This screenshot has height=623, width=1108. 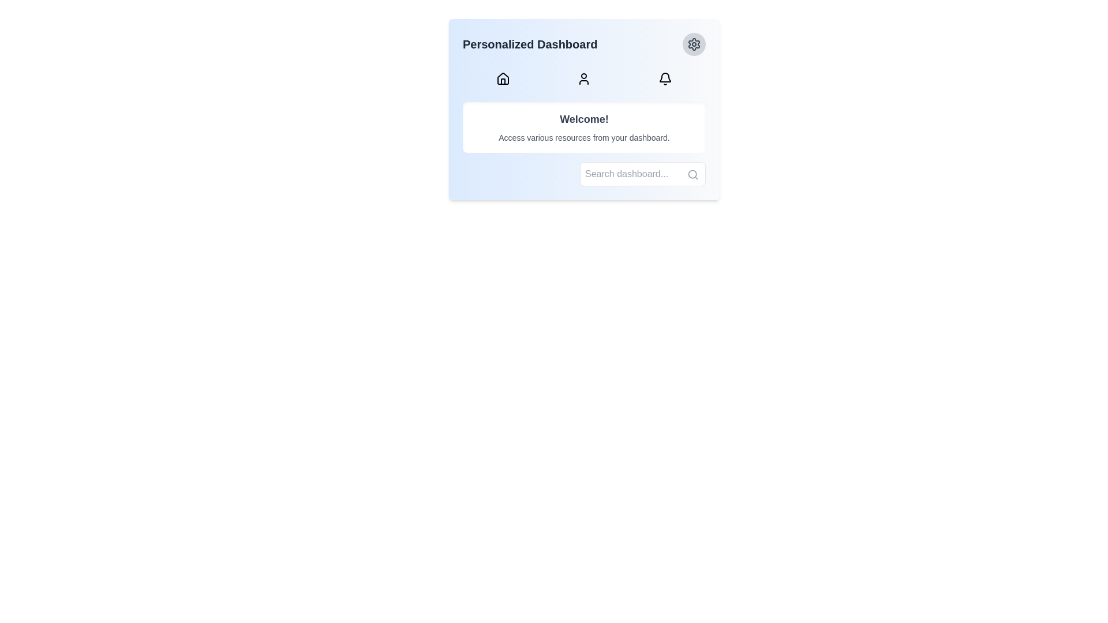 I want to click on the notifications icon button located at the top-right corner of the dashboard interface, so click(x=665, y=78).